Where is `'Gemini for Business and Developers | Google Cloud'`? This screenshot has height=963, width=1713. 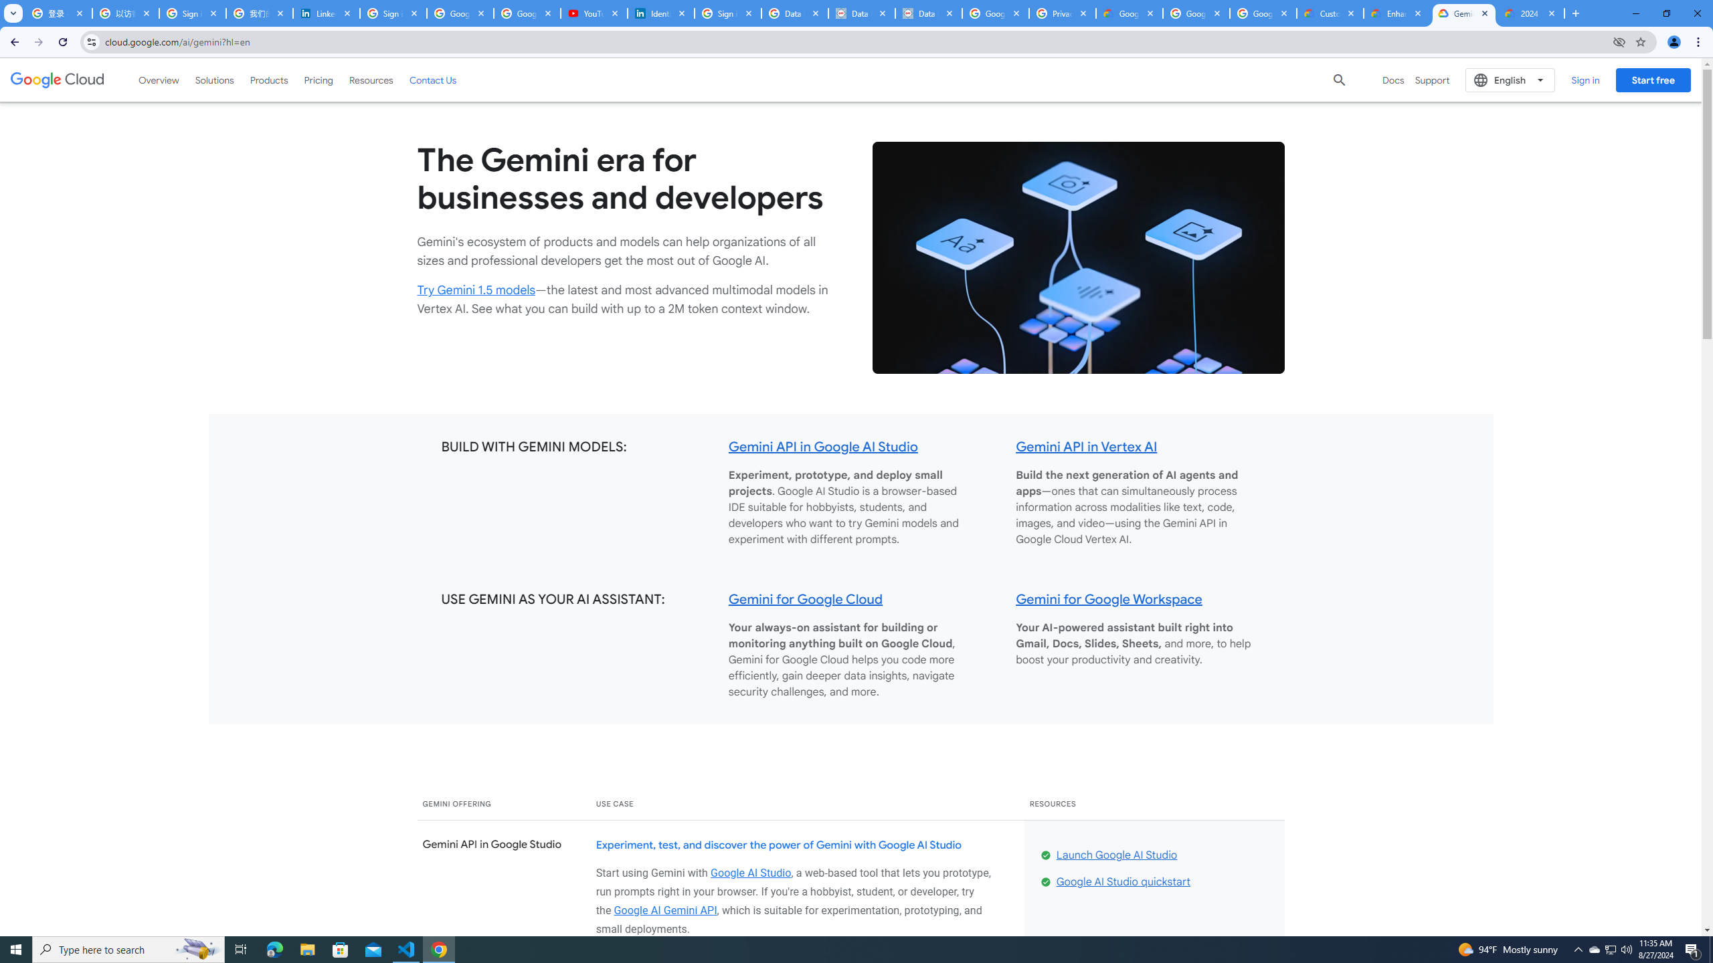 'Gemini for Business and Developers | Google Cloud' is located at coordinates (1464, 13).